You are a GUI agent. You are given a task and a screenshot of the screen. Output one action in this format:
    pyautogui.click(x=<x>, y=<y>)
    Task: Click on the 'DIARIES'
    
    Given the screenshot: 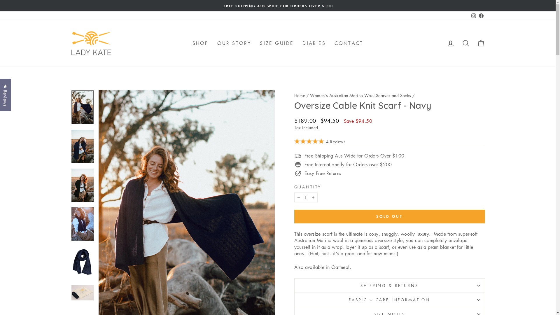 What is the action you would take?
    pyautogui.click(x=314, y=43)
    